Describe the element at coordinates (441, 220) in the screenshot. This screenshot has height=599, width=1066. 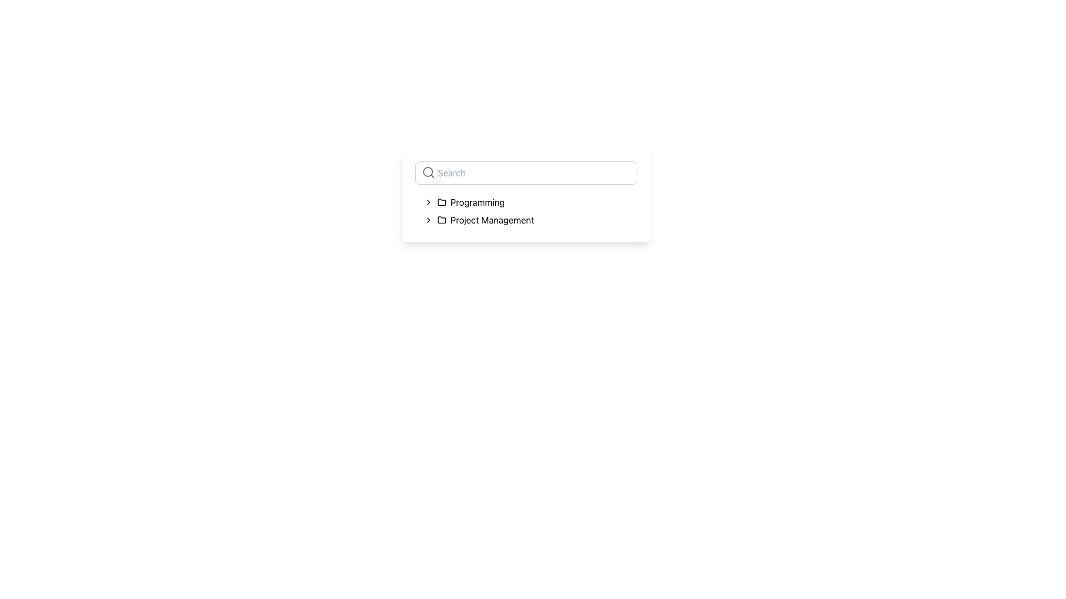
I see `the small folder icon styled as an outline, located to the immediate left of the 'Project Management' text in the vertical menu` at that location.